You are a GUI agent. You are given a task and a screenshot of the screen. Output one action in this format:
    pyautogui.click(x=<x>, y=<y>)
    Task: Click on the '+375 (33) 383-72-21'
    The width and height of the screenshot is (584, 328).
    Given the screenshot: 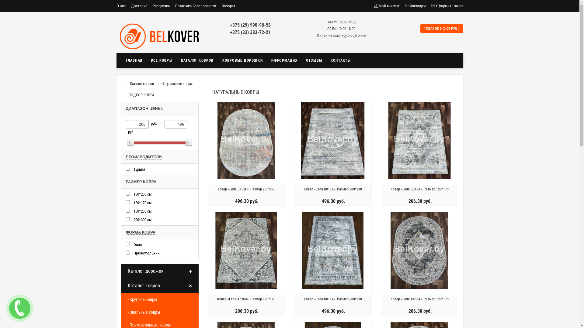 What is the action you would take?
    pyautogui.click(x=229, y=32)
    